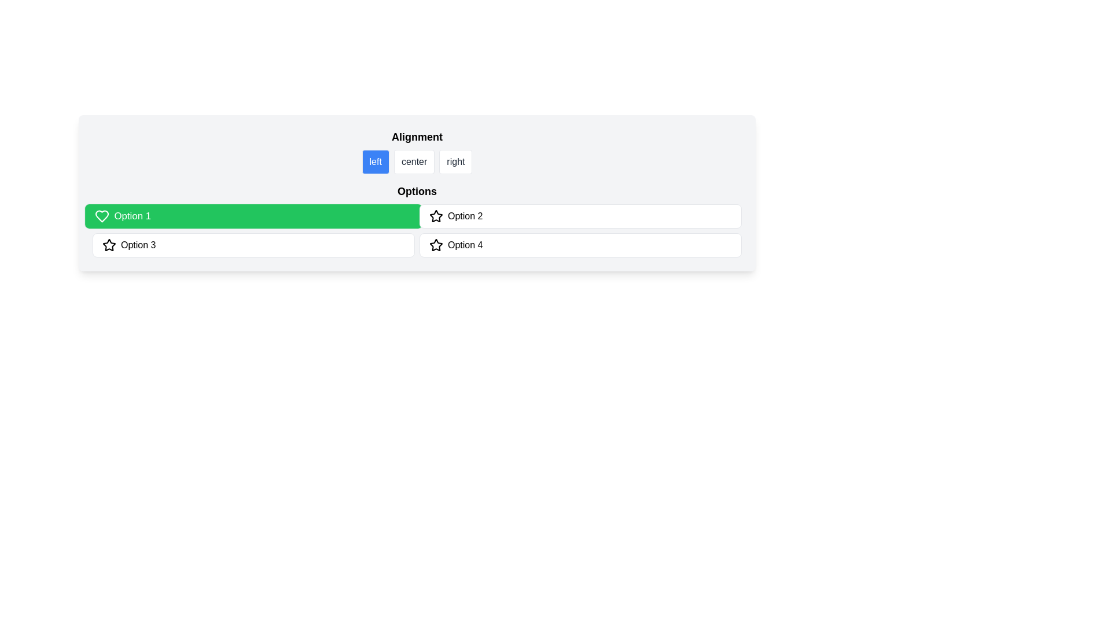 Image resolution: width=1111 pixels, height=625 pixels. Describe the element at coordinates (435, 245) in the screenshot. I see `the star icon representing 'Option 4' to interact with it` at that location.